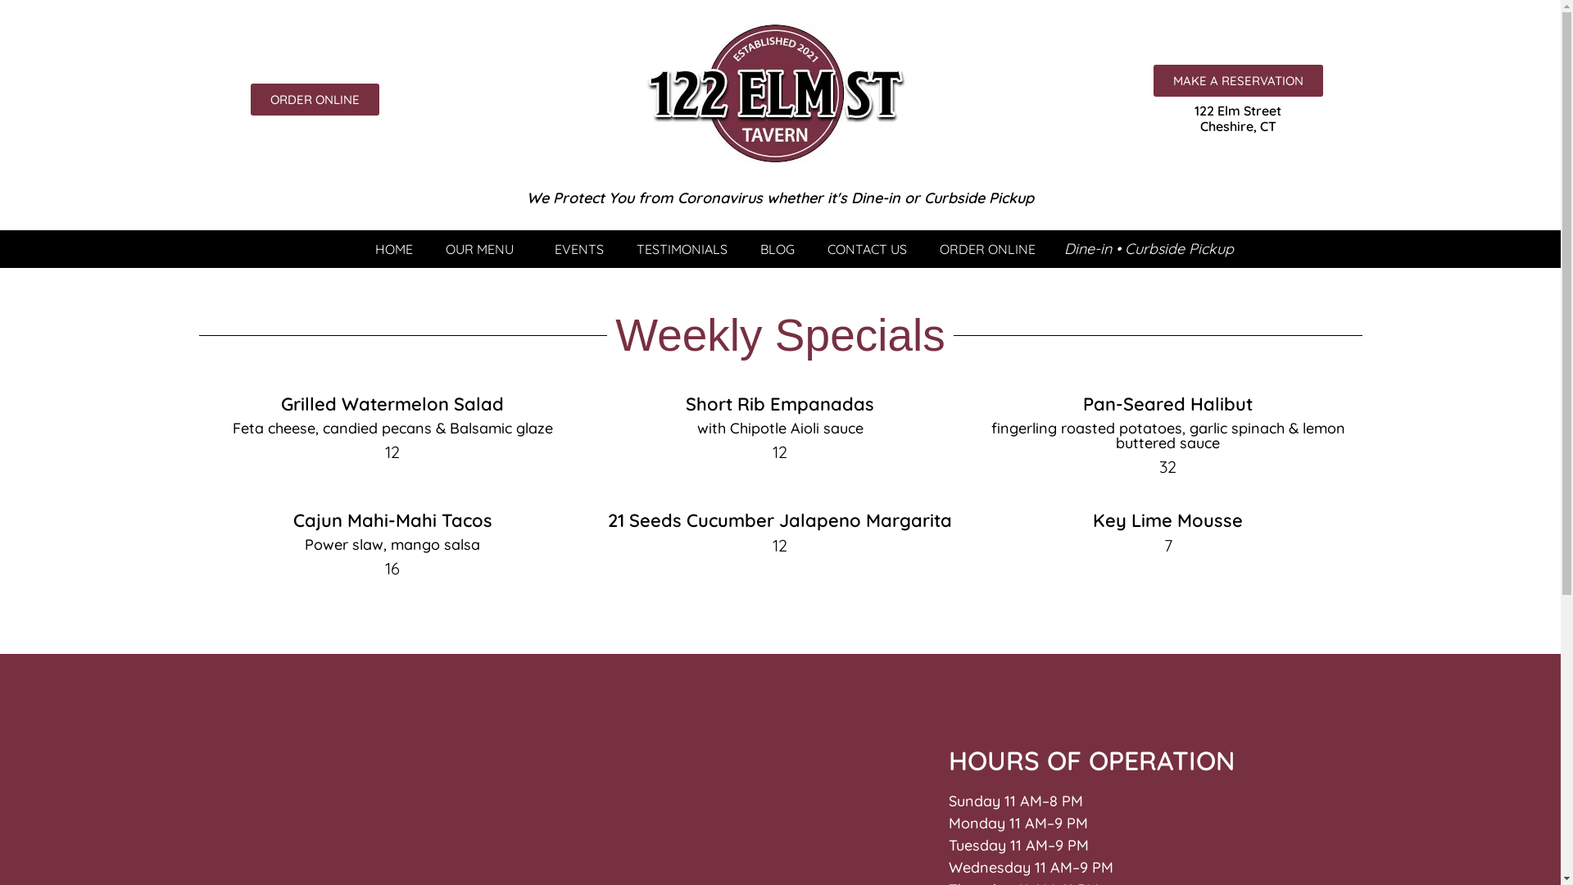 This screenshot has width=1573, height=885. Describe the element at coordinates (393, 249) in the screenshot. I see `'HOME'` at that location.